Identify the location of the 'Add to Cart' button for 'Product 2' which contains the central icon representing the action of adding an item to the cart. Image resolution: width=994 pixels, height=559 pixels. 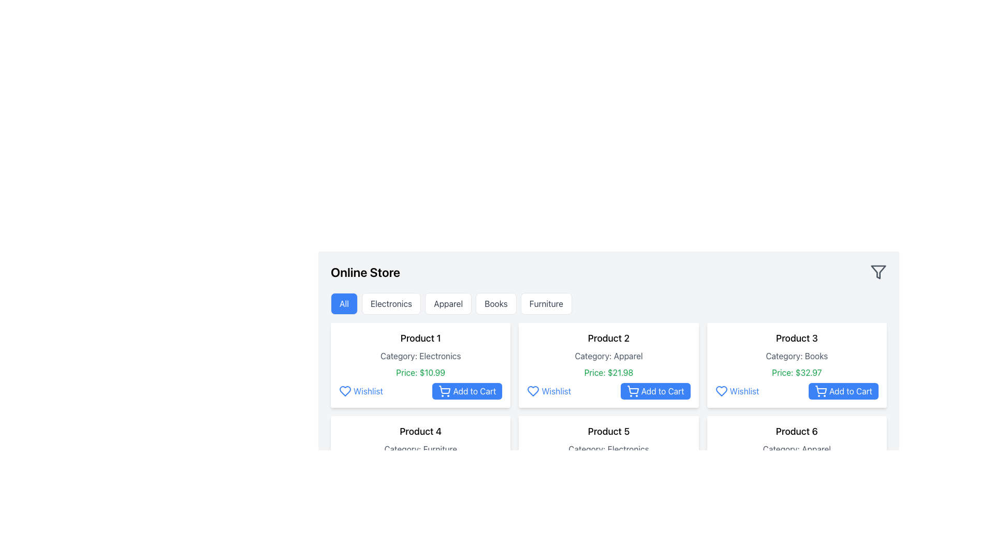
(632, 390).